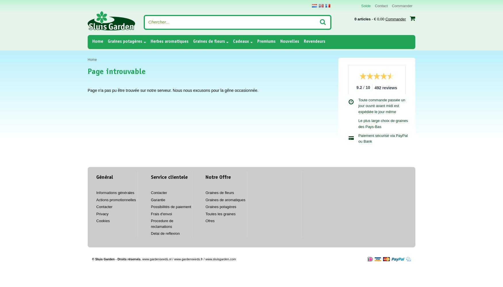  I want to click on 'Général', so click(105, 177).